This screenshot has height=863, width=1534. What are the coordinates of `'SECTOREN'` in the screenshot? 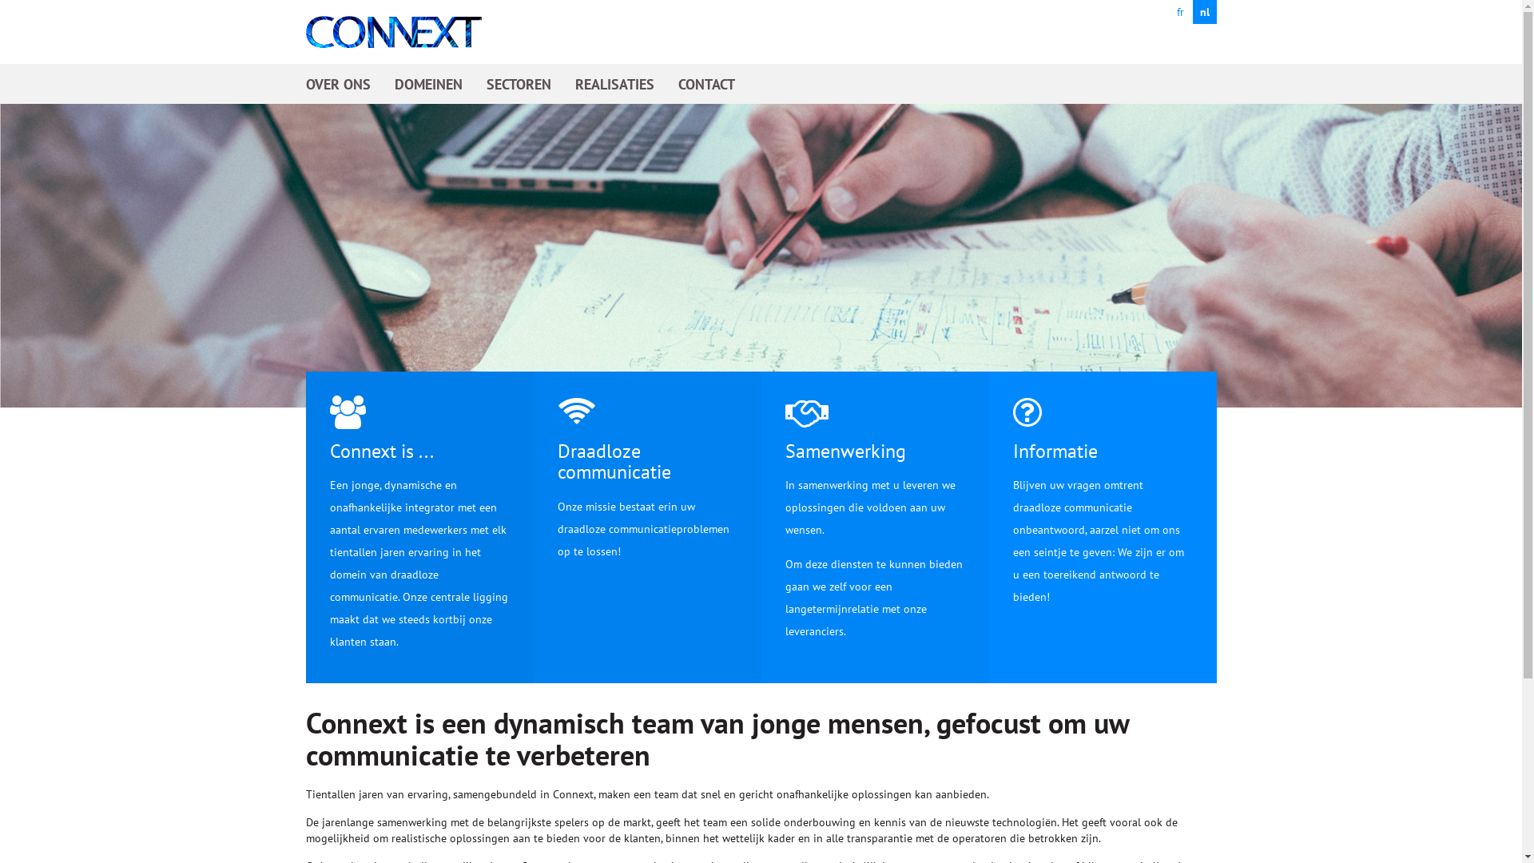 It's located at (518, 83).